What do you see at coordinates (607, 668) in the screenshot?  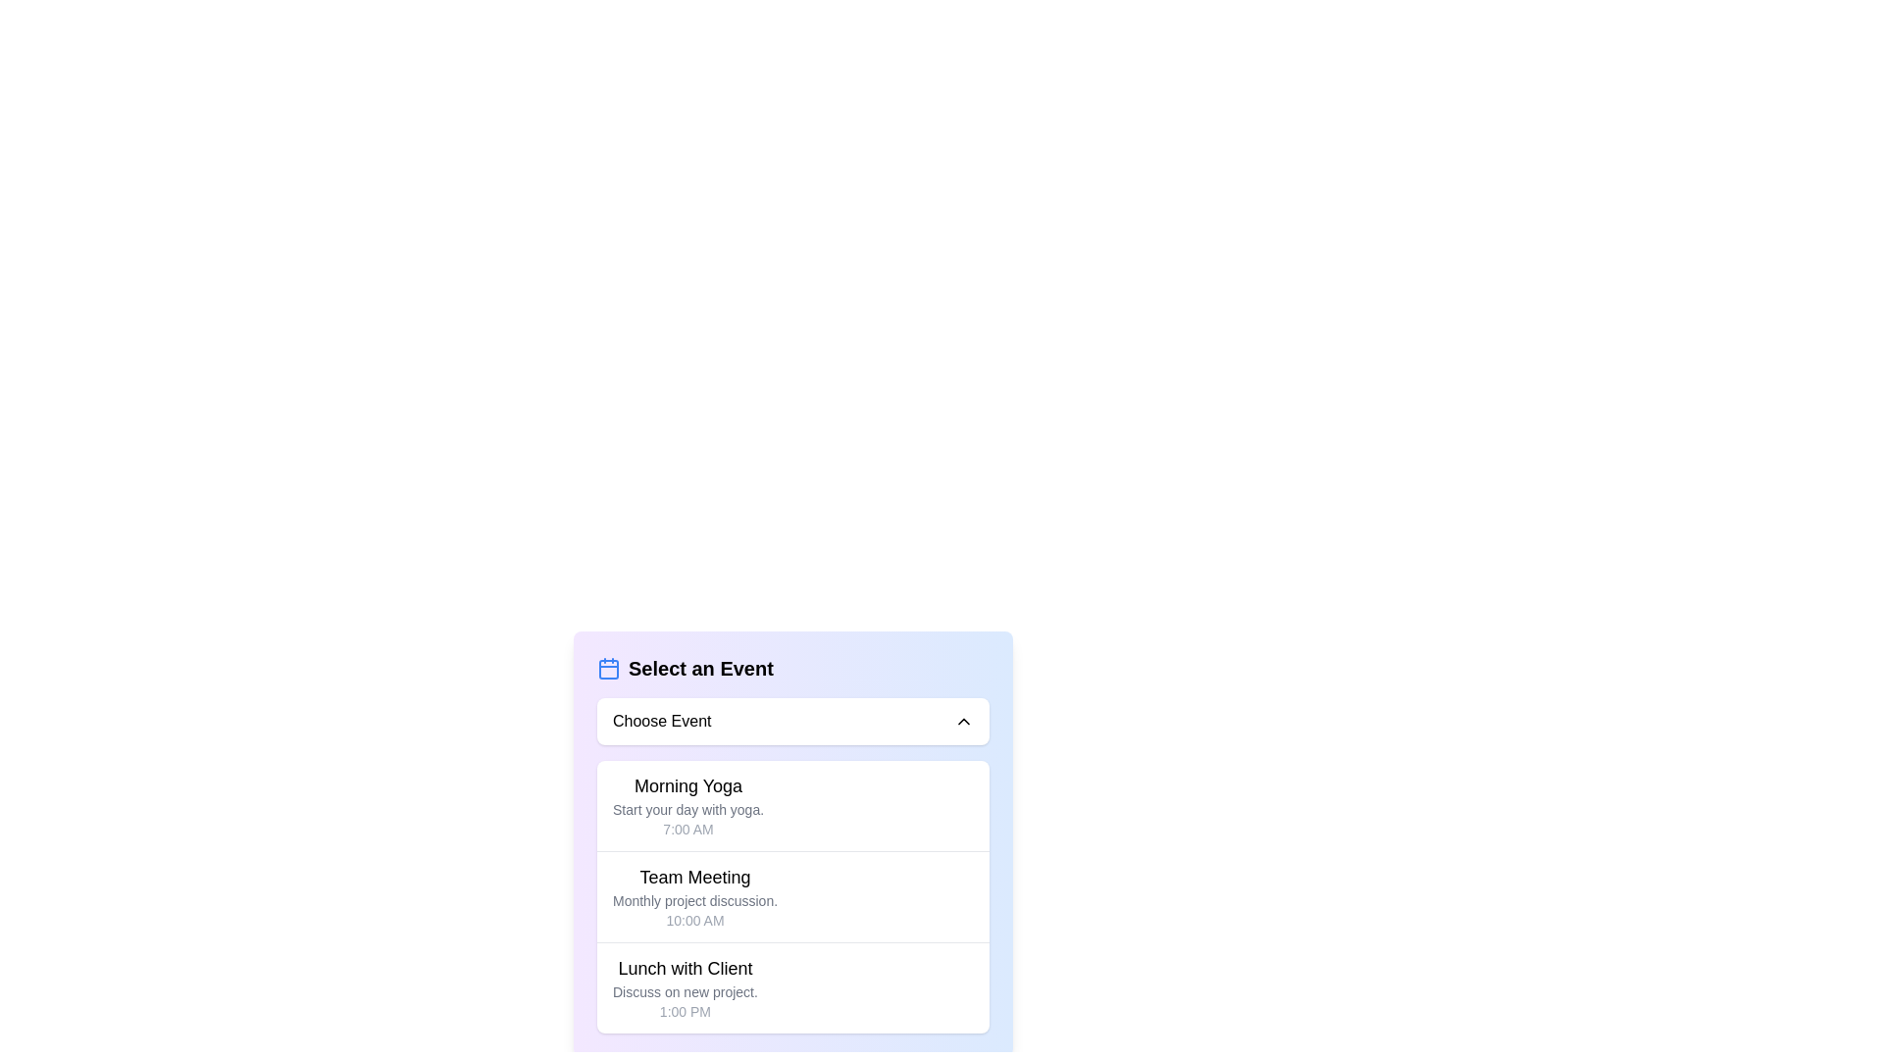 I see `the decorative graphical element representing the calendar's display surface, located in the top-left corner of the 'Select an Event' heading` at bounding box center [607, 668].